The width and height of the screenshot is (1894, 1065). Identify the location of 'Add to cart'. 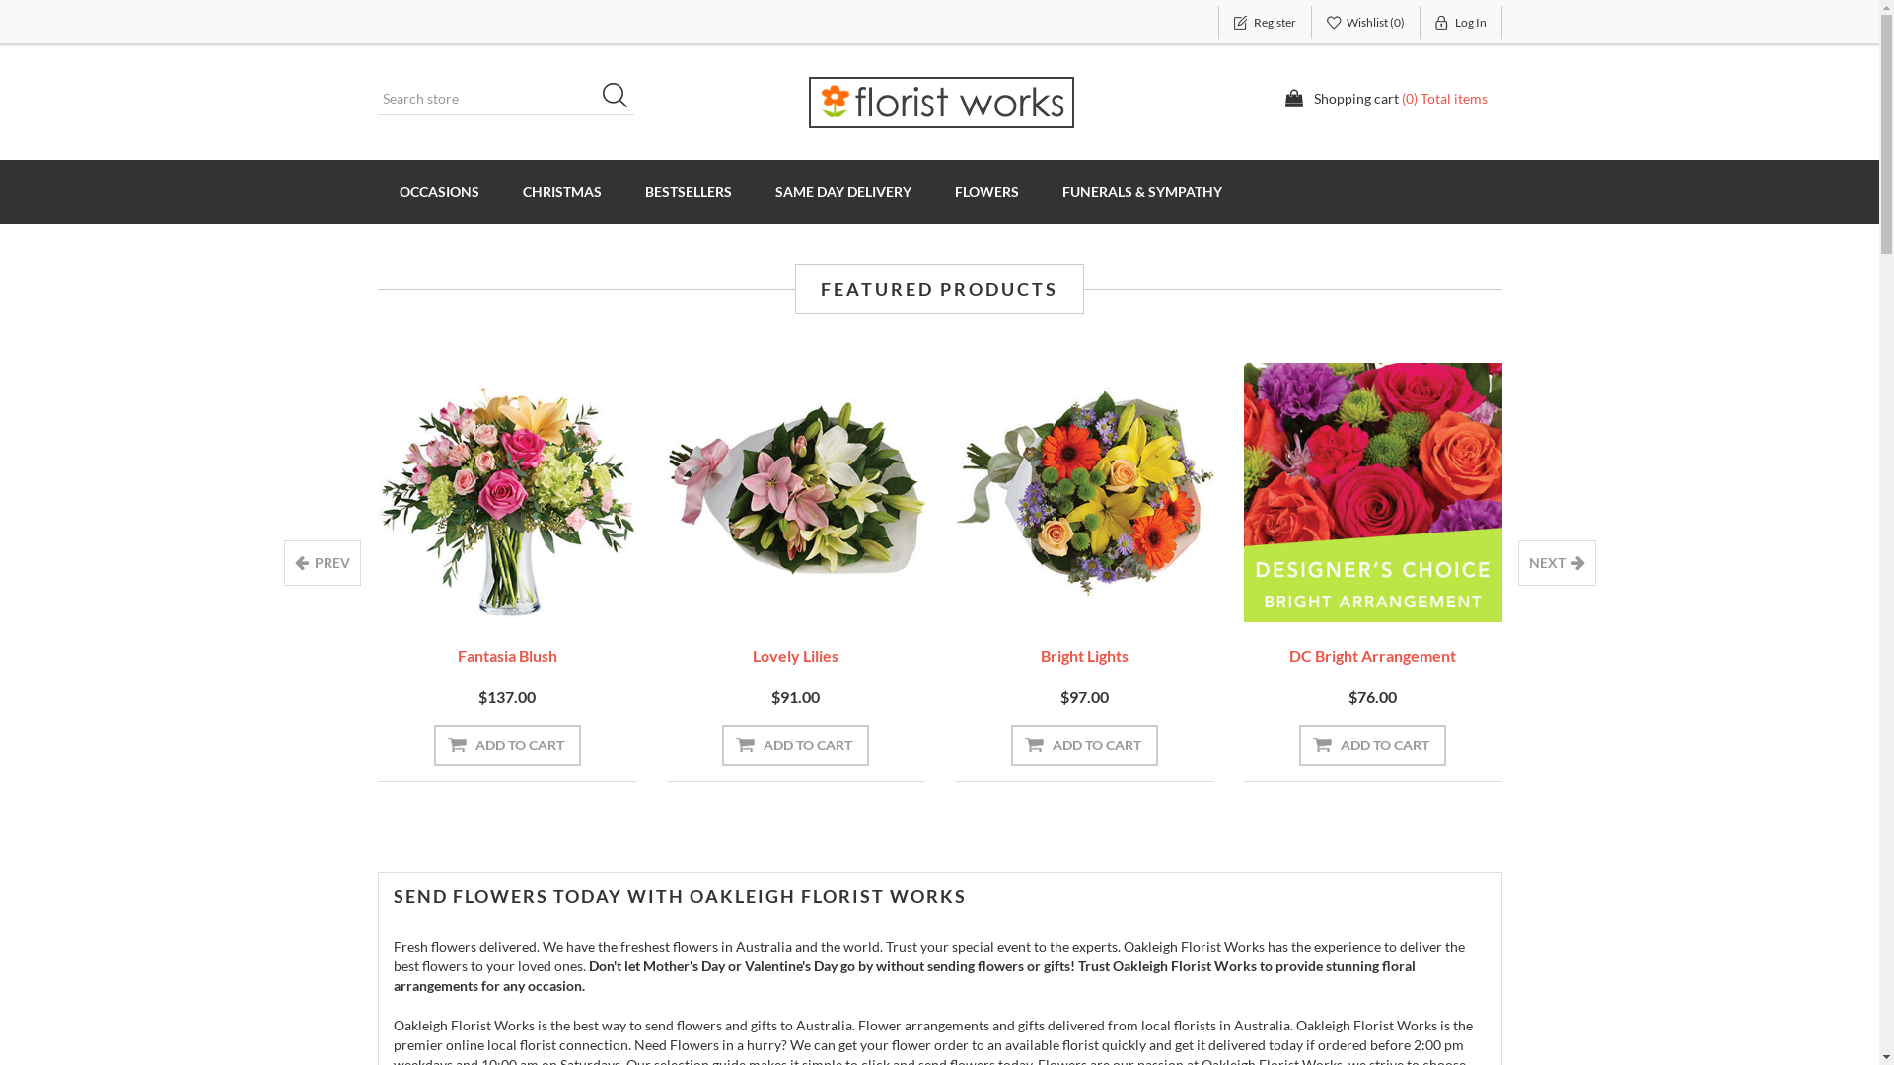
(507, 745).